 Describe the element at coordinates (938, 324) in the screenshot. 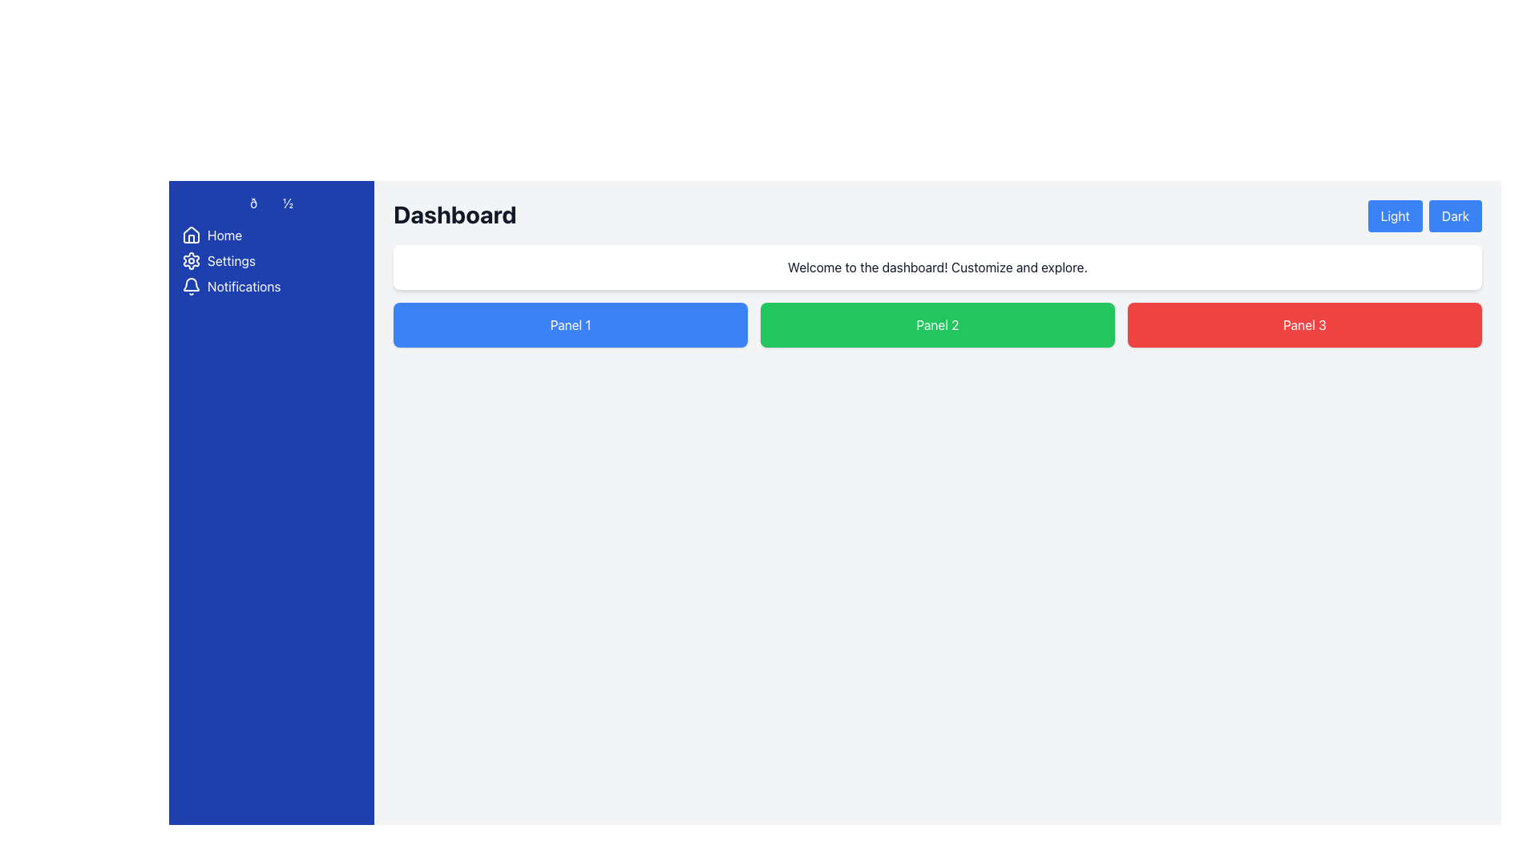

I see `the static middle panel located in the central area of the interface, which is part of a grid layout with 'Panel 1' on the left and 'Panel 3' on the right` at that location.